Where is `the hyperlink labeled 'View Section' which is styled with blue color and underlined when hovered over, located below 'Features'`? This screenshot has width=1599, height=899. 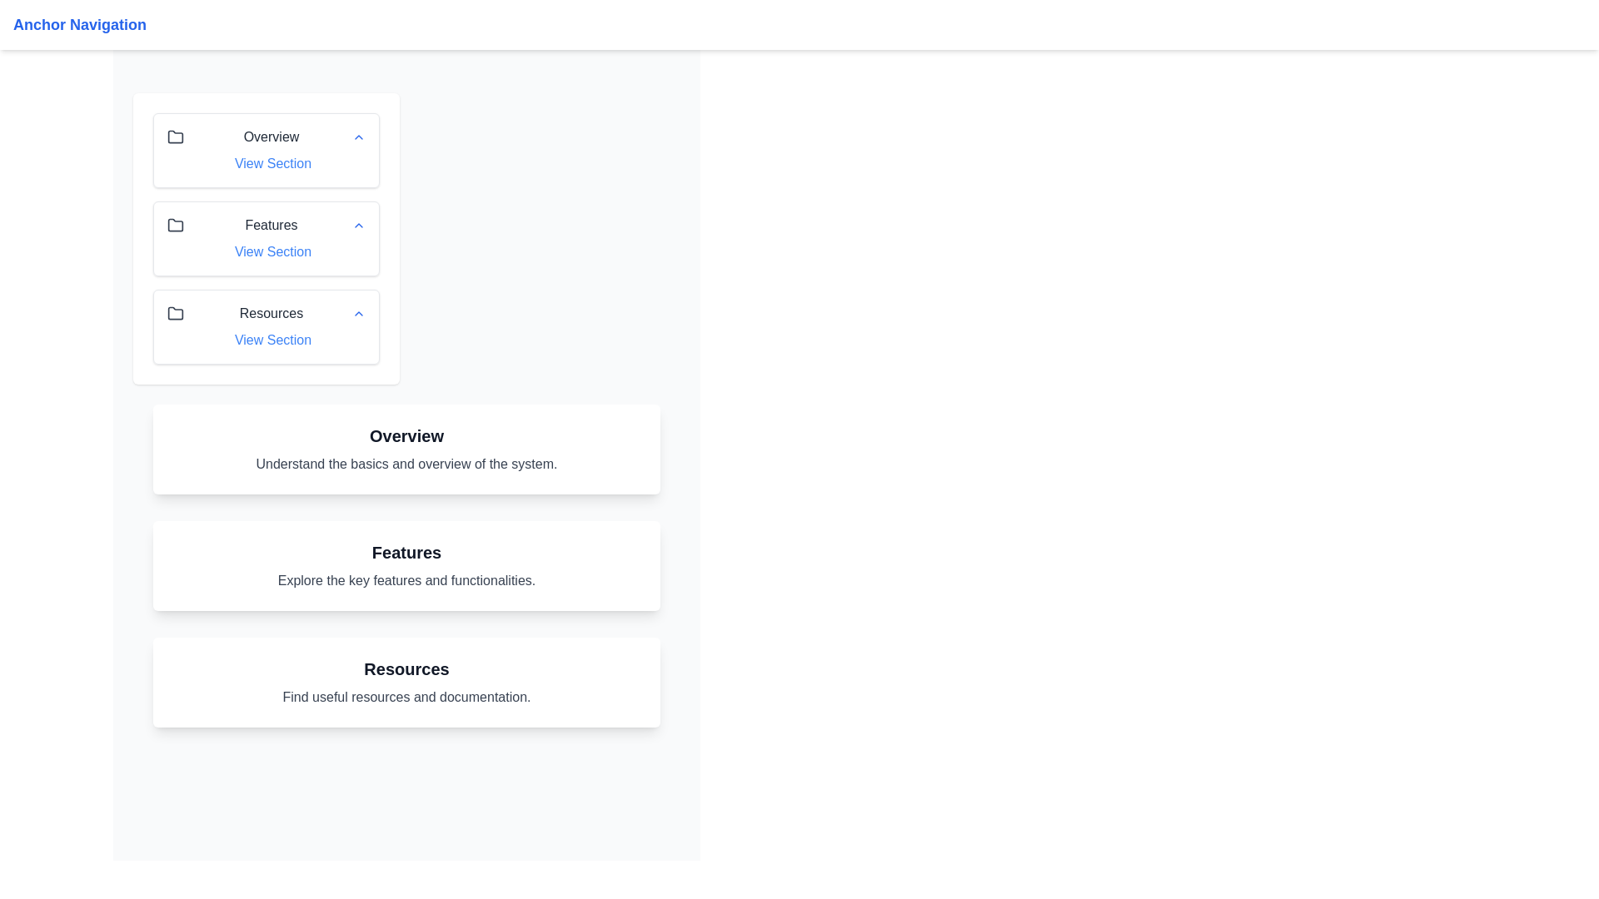
the hyperlink labeled 'View Section' which is styled with blue color and underlined when hovered over, located below 'Features' is located at coordinates (272, 251).